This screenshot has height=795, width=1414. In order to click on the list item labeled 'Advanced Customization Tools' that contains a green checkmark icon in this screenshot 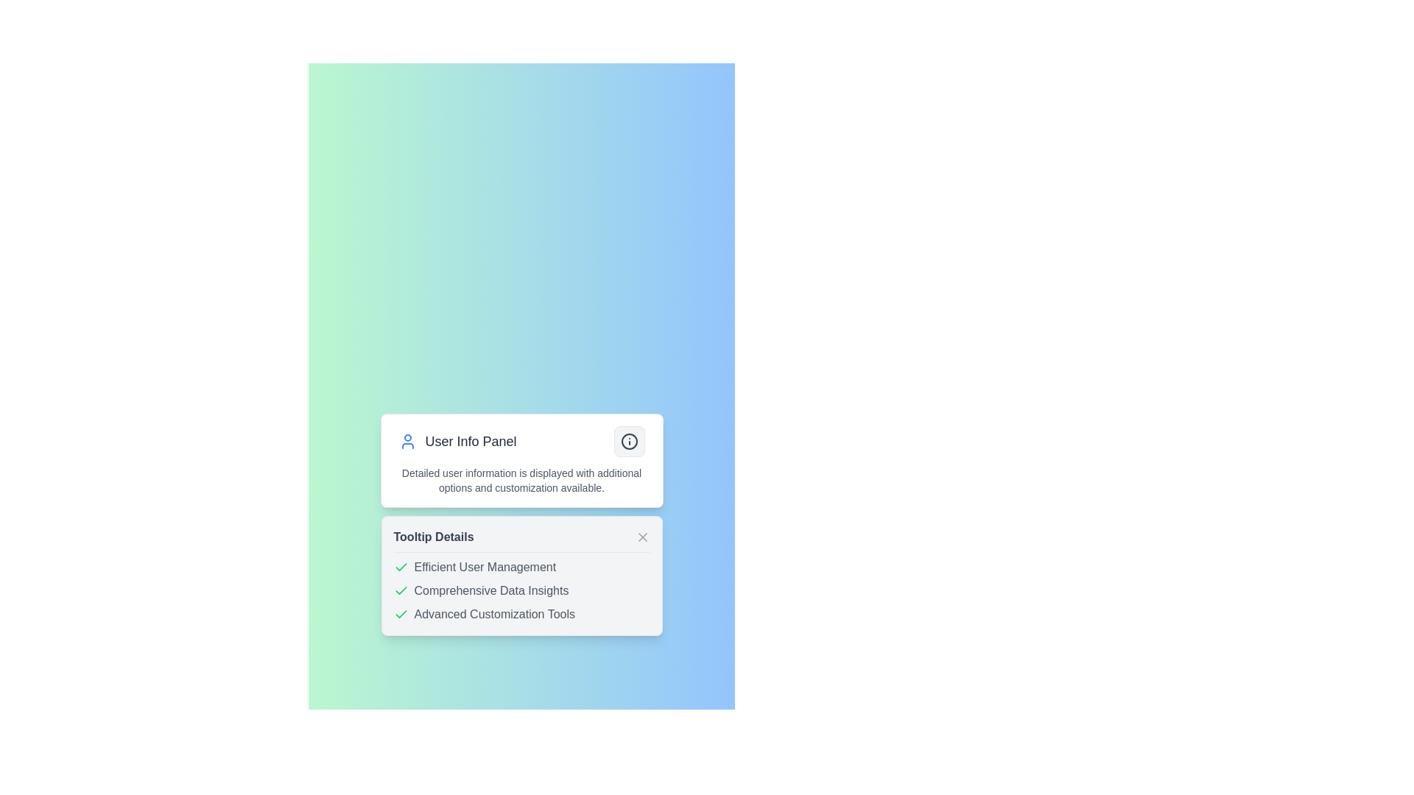, I will do `click(521, 614)`.